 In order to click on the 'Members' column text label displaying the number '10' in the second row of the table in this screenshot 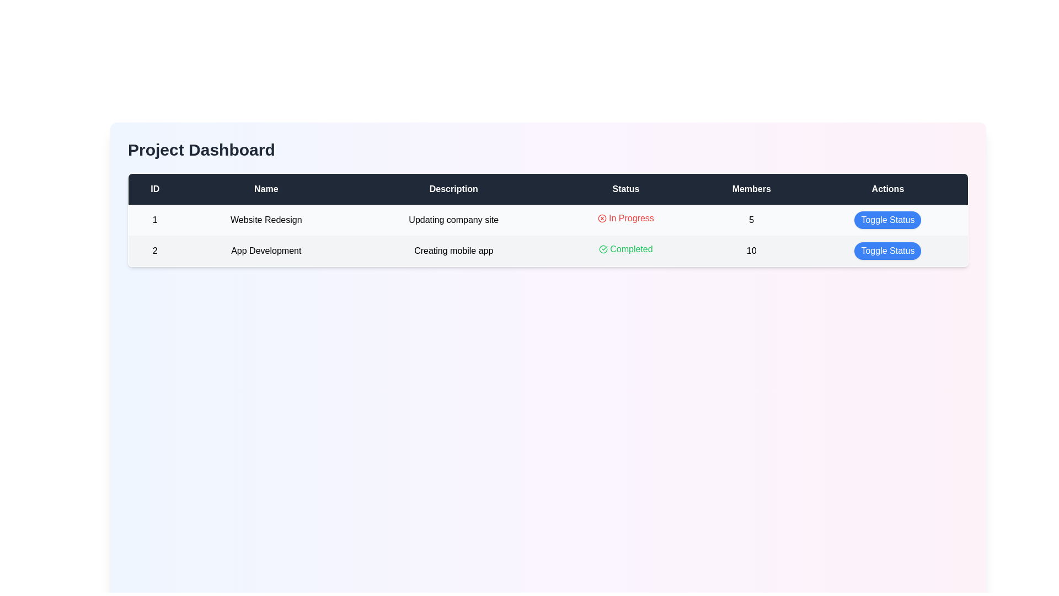, I will do `click(751, 251)`.